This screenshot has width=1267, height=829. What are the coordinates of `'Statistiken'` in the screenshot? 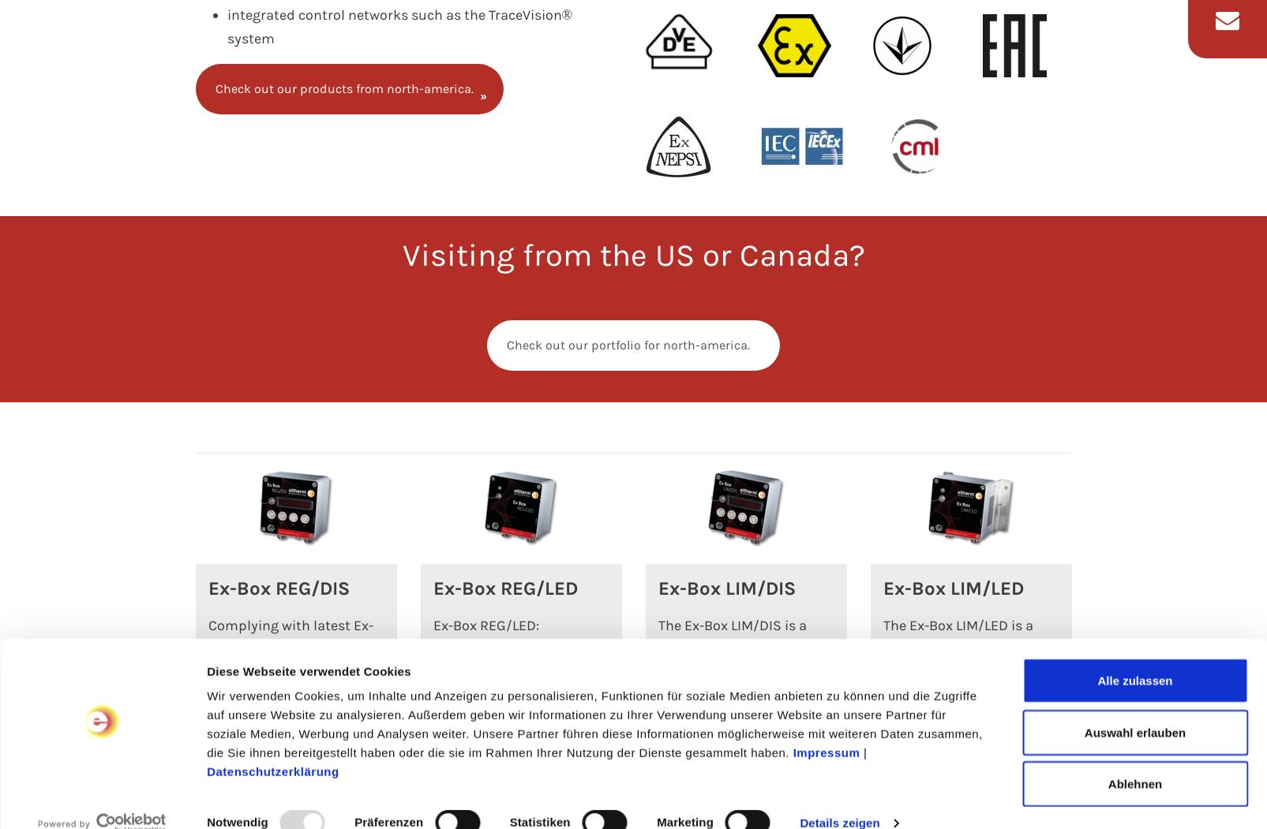 It's located at (539, 716).